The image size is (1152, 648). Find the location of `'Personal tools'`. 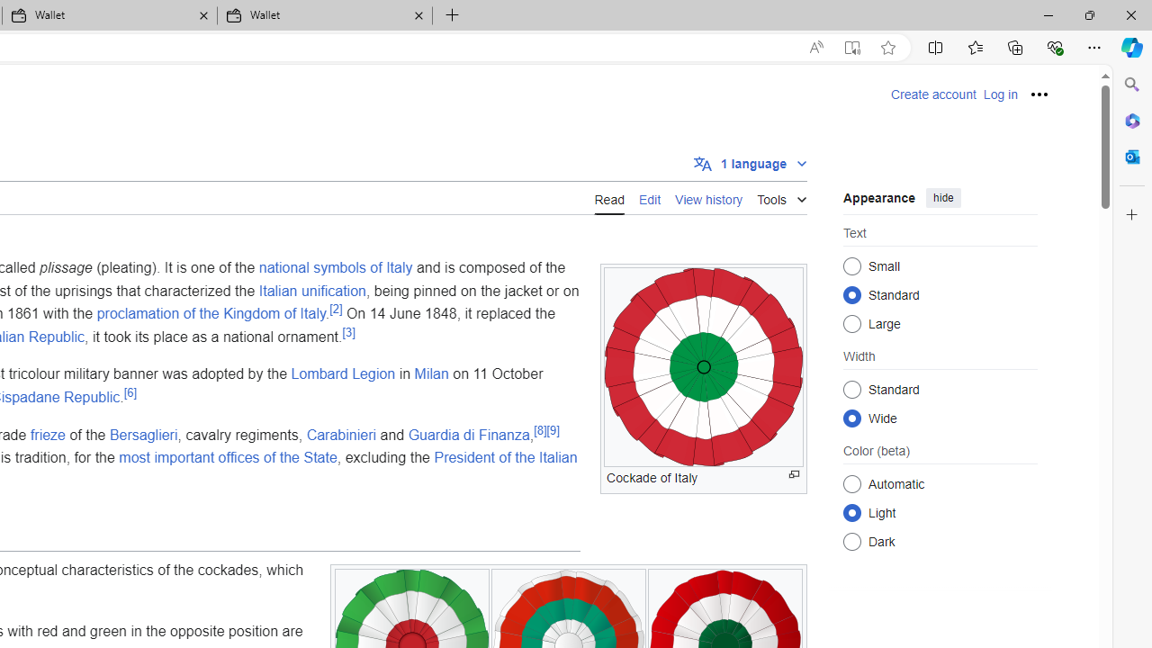

'Personal tools' is located at coordinates (1039, 94).